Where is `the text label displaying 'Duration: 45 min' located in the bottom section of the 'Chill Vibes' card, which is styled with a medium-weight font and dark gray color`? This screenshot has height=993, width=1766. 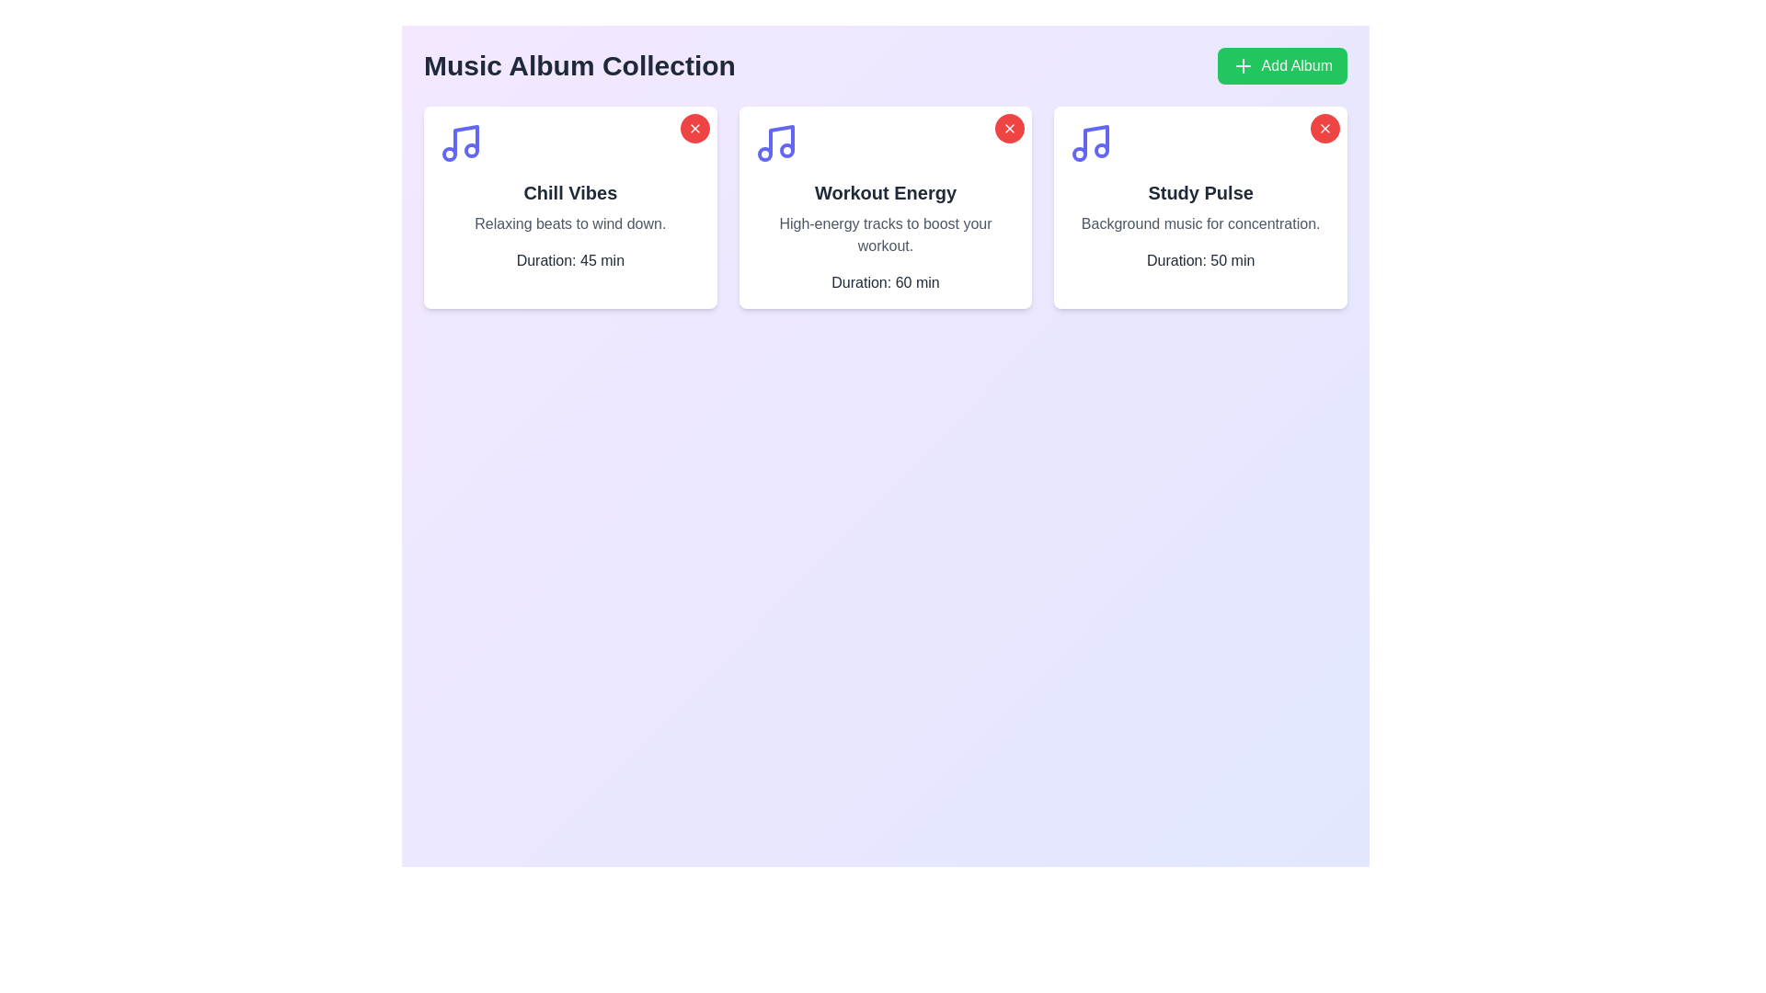
the text label displaying 'Duration: 45 min' located in the bottom section of the 'Chill Vibes' card, which is styled with a medium-weight font and dark gray color is located at coordinates (569, 261).